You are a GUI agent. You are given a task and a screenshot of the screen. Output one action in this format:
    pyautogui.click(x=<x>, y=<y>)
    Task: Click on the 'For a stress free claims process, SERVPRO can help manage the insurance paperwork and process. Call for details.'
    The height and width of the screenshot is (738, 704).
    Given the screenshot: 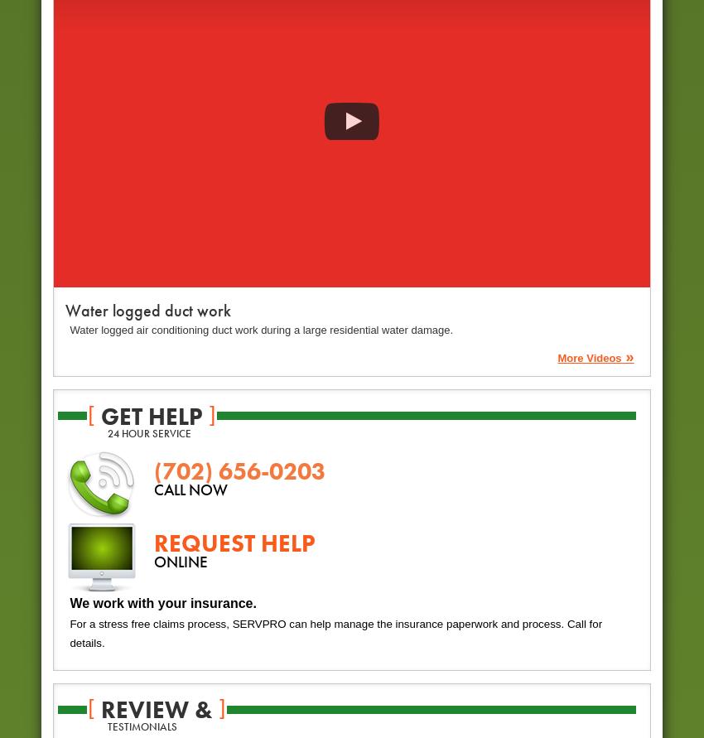 What is the action you would take?
    pyautogui.click(x=335, y=633)
    